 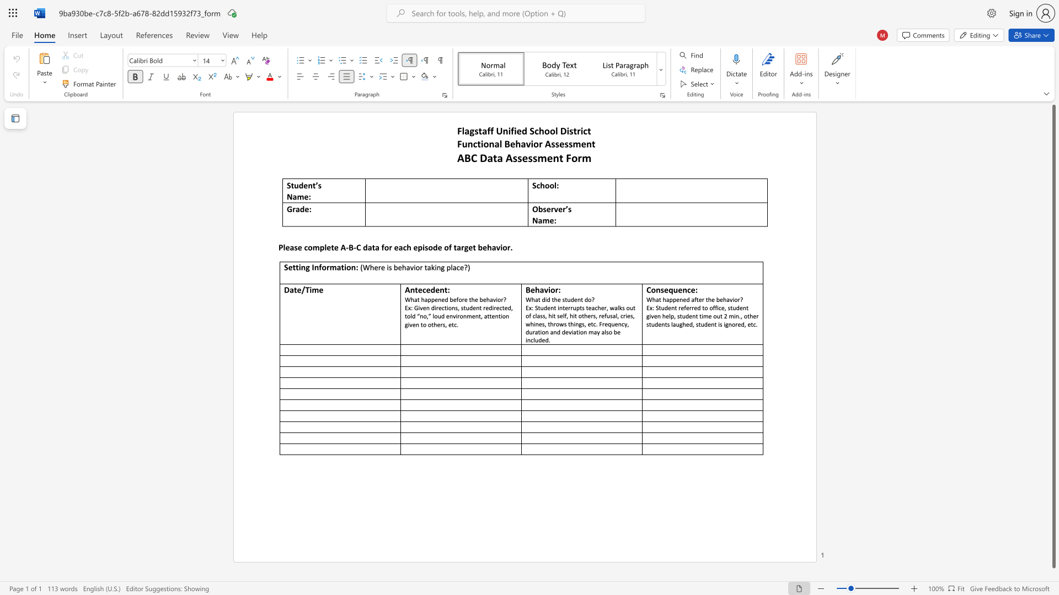 What do you see at coordinates (419, 267) in the screenshot?
I see `the subset text "r ta" within the text "(Where is behavior taking place?)"` at bounding box center [419, 267].